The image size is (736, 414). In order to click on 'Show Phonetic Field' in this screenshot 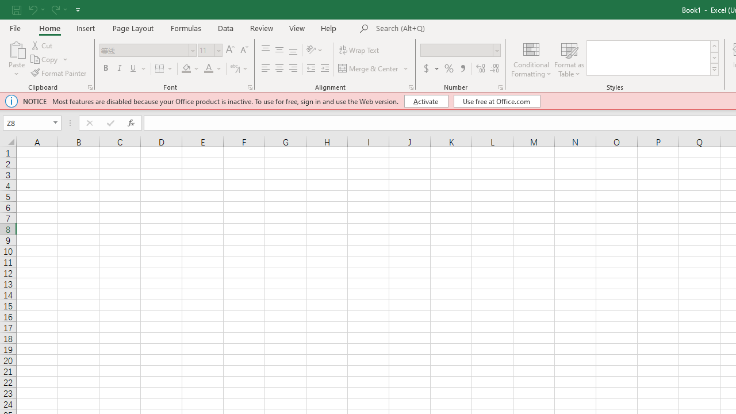, I will do `click(234, 68)`.